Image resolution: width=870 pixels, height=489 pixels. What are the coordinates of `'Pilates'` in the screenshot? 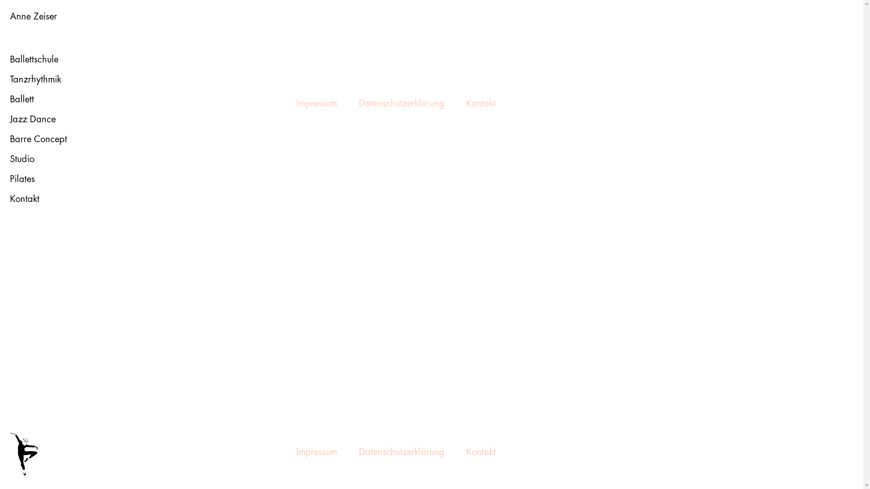 It's located at (22, 179).